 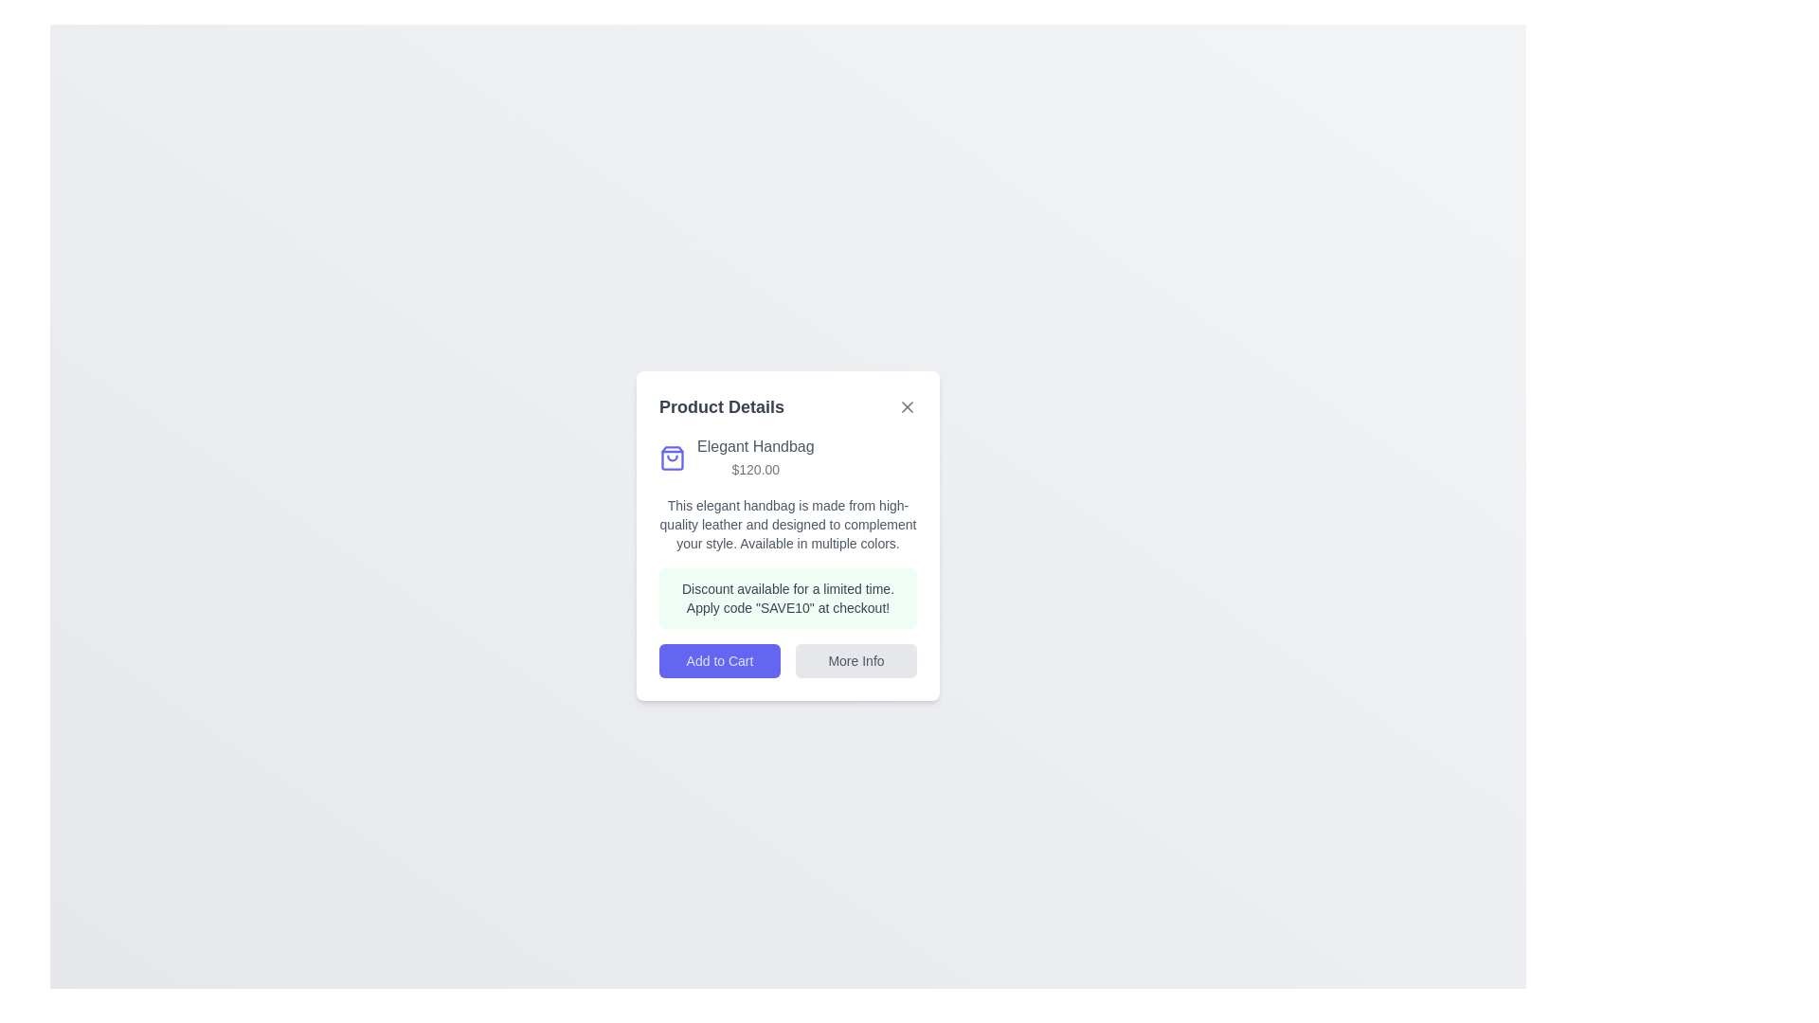 I want to click on the informational alert box that conveys the discount promotion and instructions about the code 'SAVE10', located in the centered modal dialog titled 'Product Details', so click(x=787, y=599).